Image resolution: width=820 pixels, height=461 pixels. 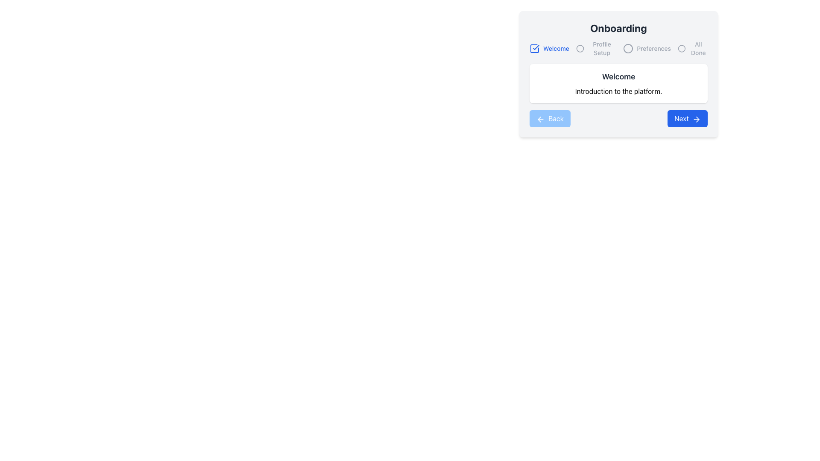 I want to click on the current state of the onboarding step icon located between the 'Welcome' and 'Preferences' steps in the navigation bar, so click(x=580, y=49).